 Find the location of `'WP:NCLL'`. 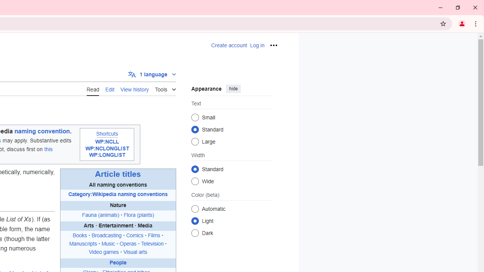

'WP:NCLL' is located at coordinates (106, 142).